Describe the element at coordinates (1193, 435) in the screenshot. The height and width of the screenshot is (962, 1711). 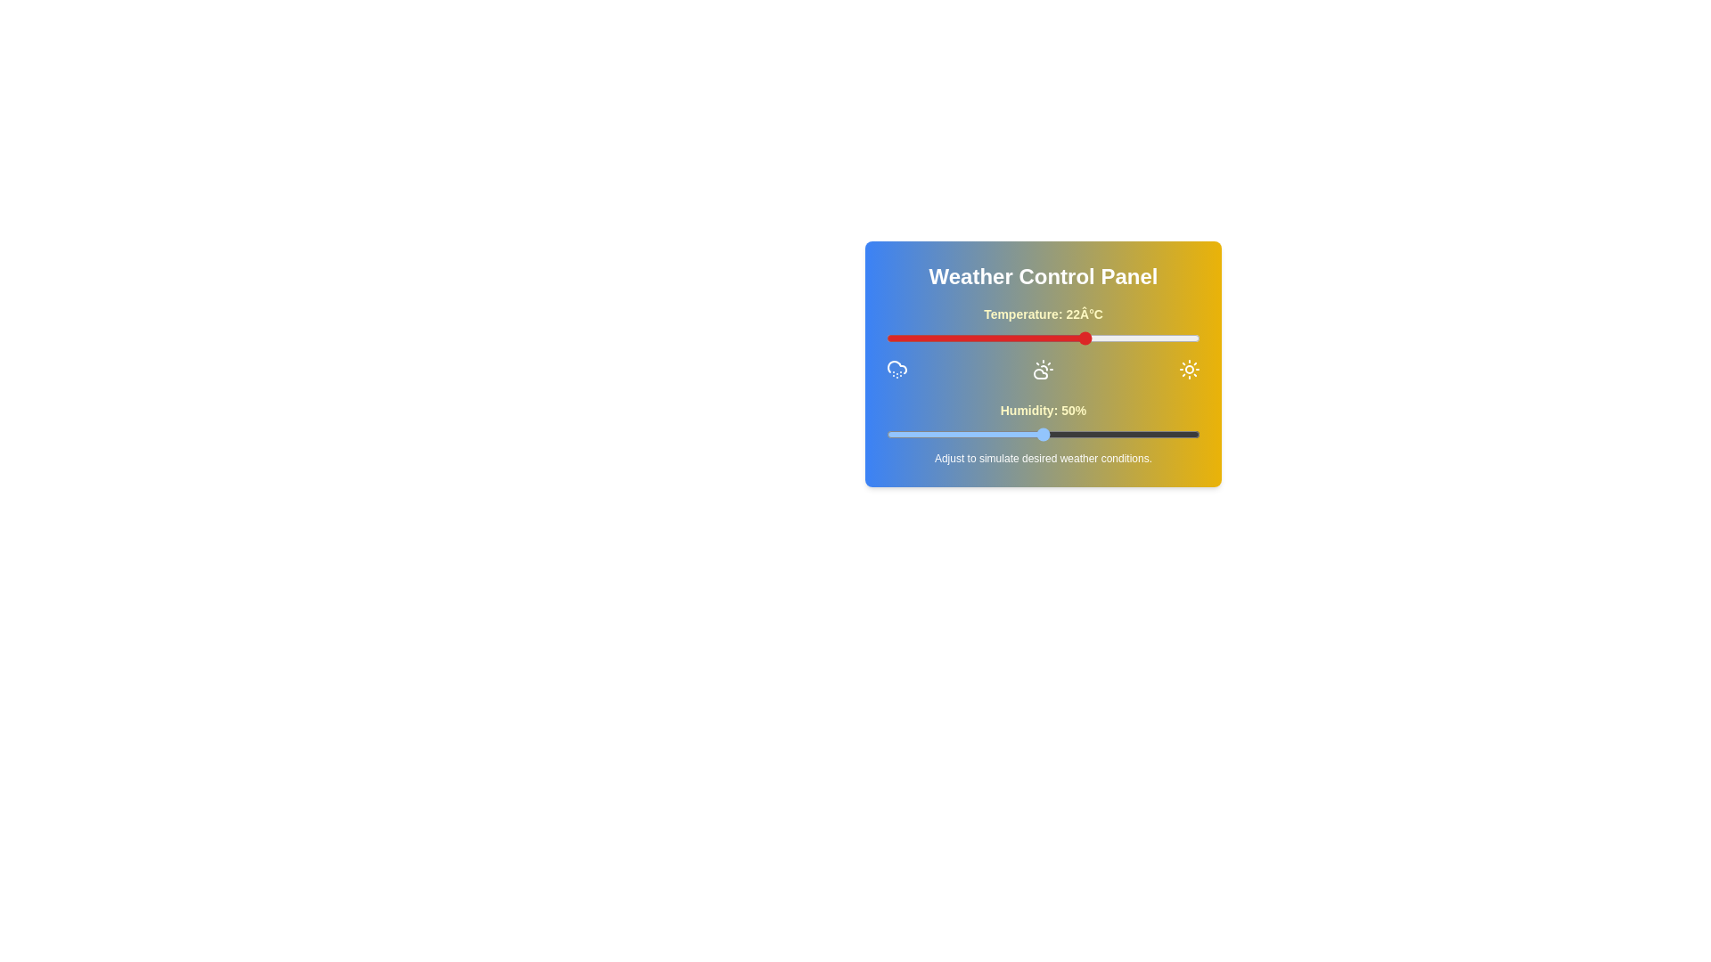
I see `the humidity` at that location.